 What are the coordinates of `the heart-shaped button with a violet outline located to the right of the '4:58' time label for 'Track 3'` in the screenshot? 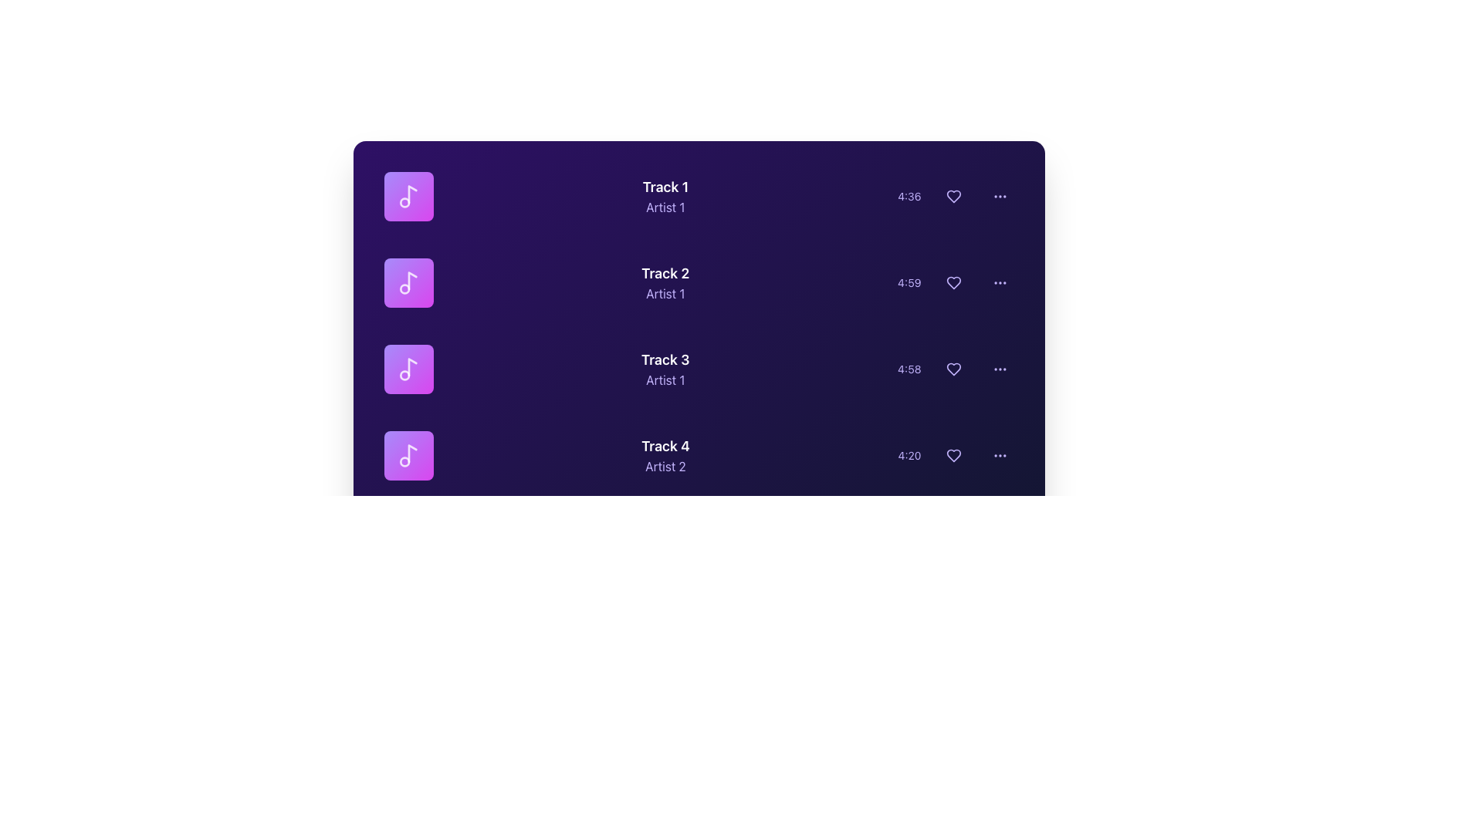 It's located at (952, 369).